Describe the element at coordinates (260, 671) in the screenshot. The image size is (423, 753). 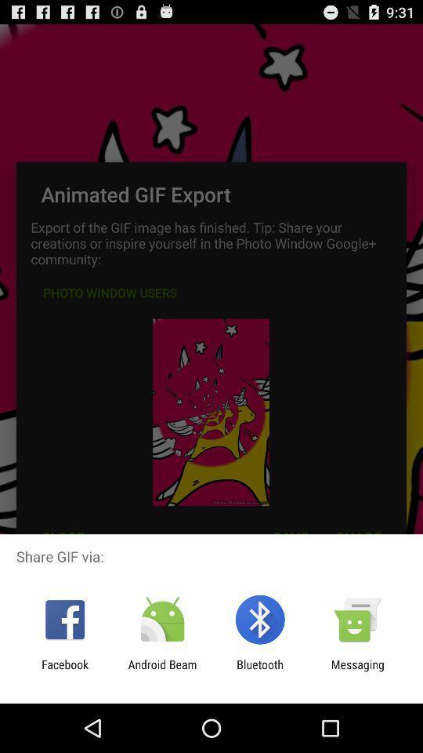
I see `the icon to the left of messaging` at that location.